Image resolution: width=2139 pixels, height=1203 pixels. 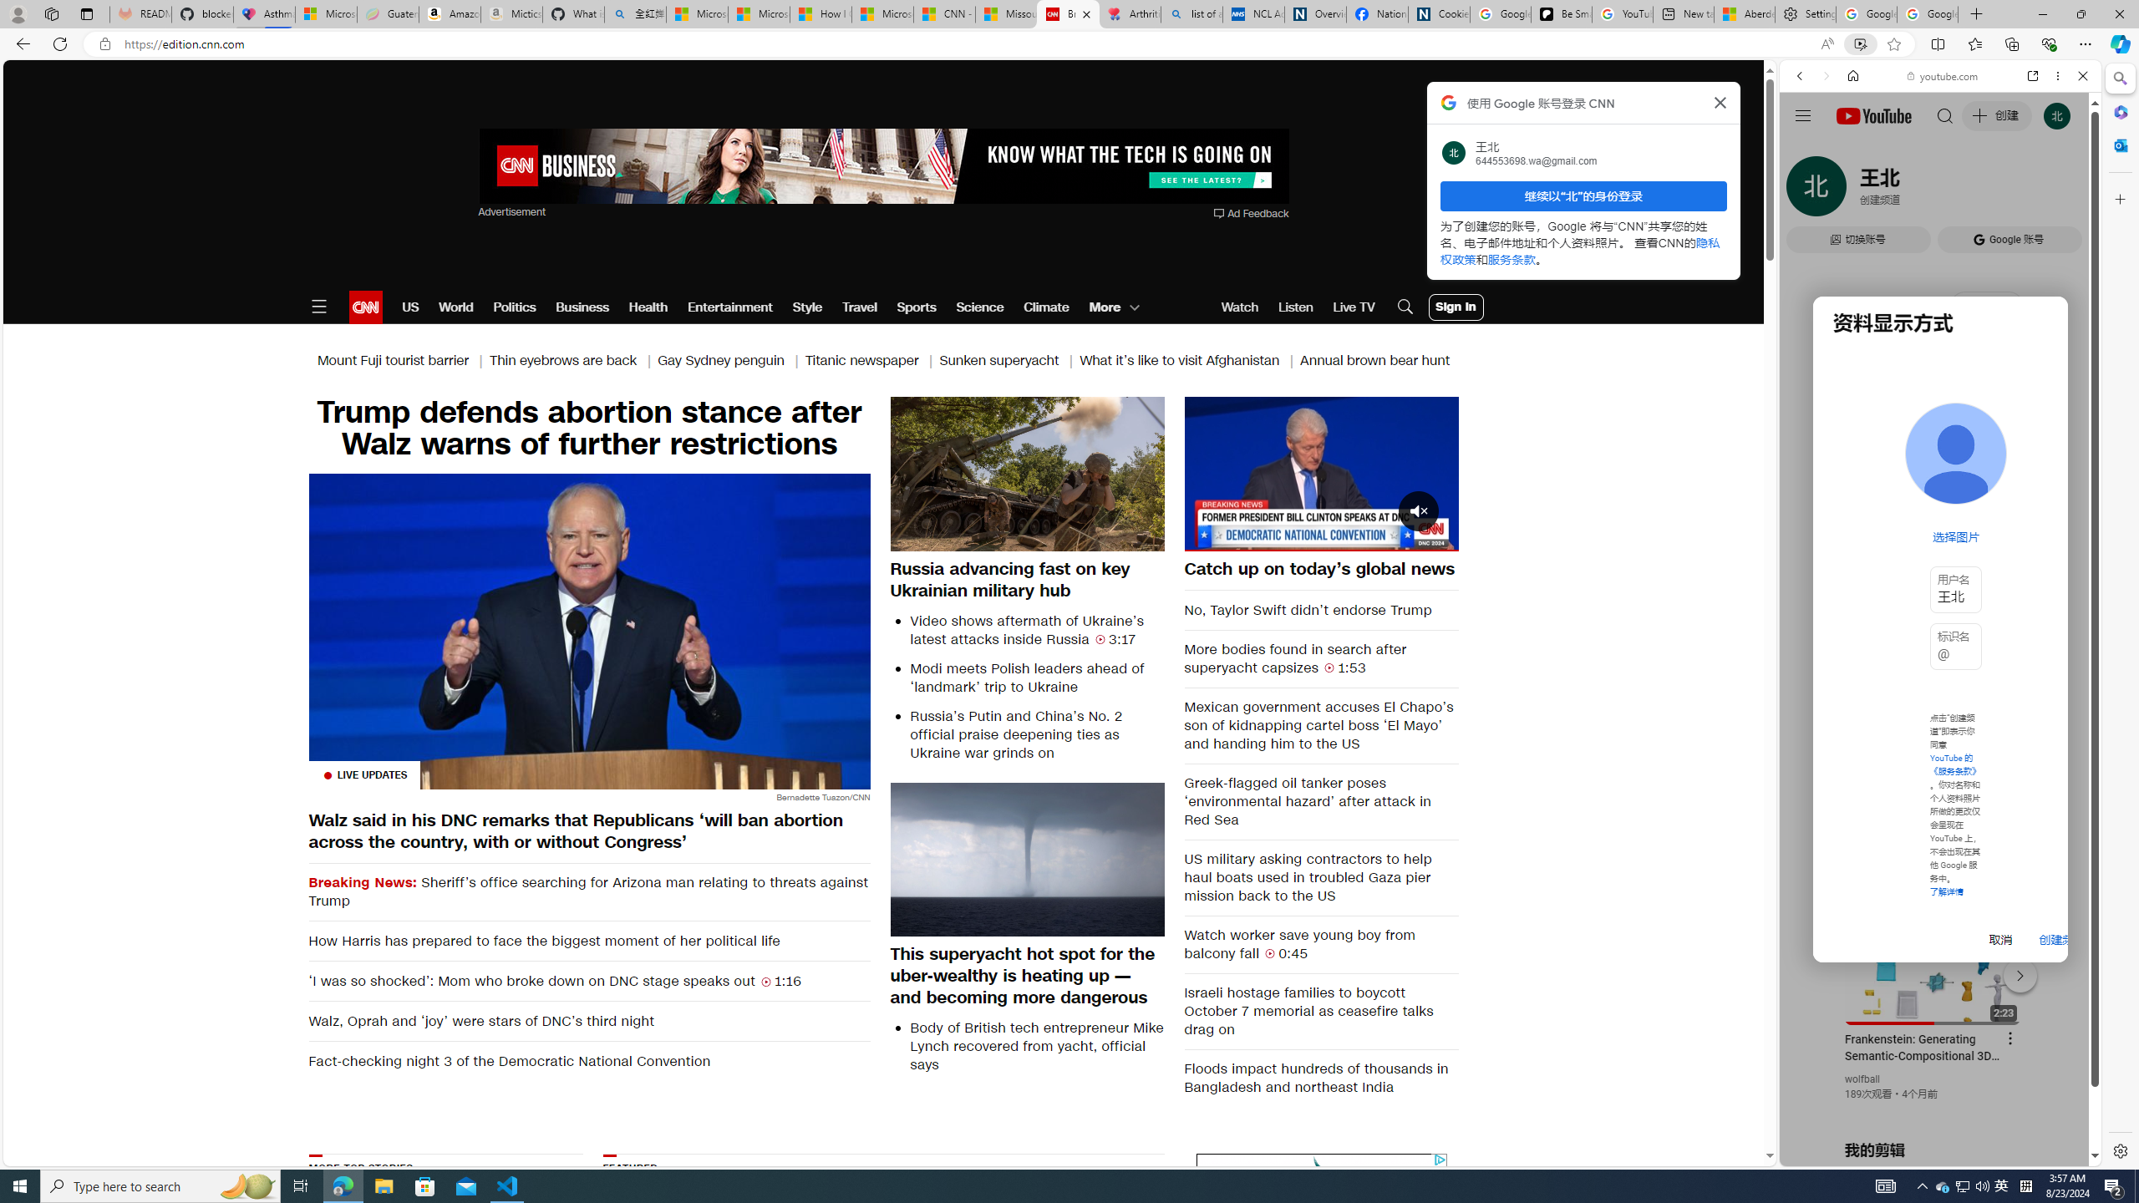 What do you see at coordinates (943, 13) in the screenshot?
I see `'CNN - MSN'` at bounding box center [943, 13].